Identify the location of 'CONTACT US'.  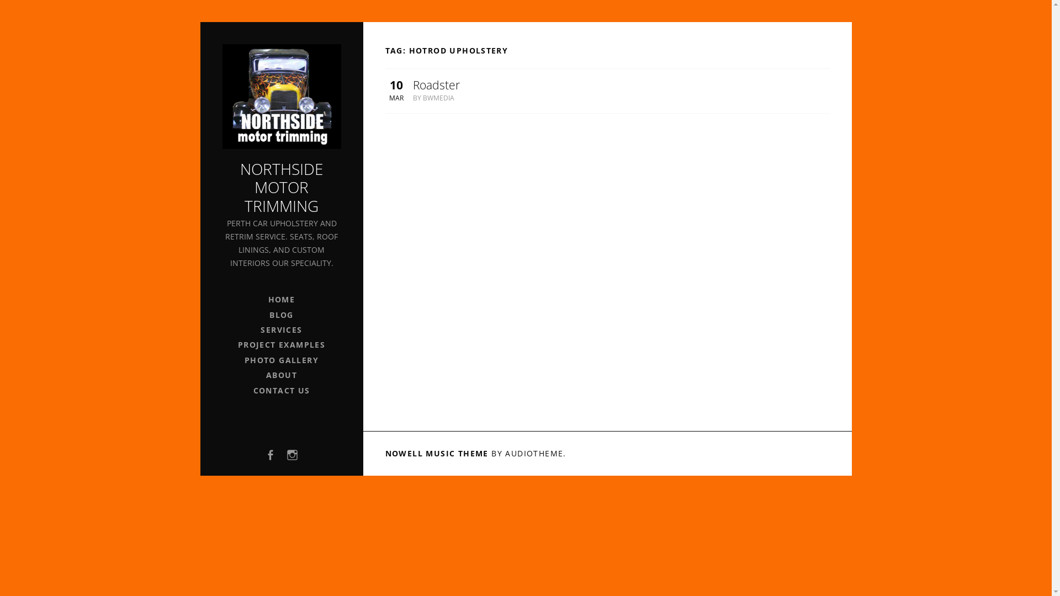
(281, 390).